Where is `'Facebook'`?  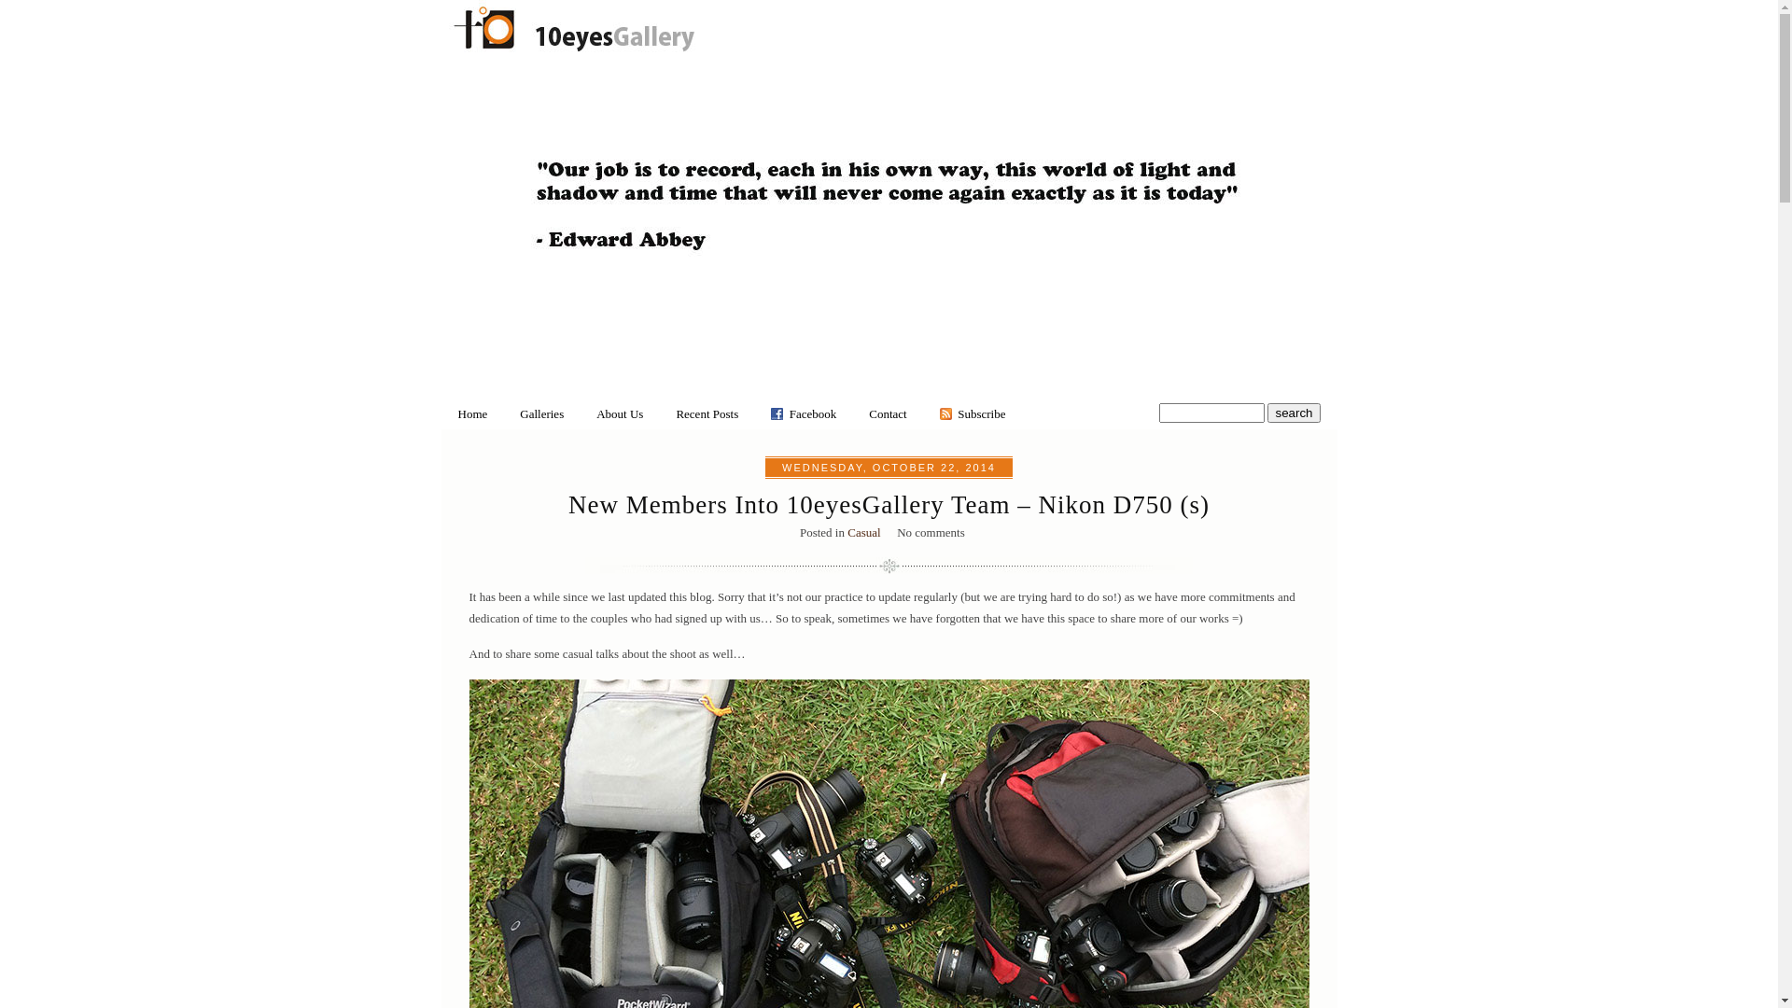
'Facebook' is located at coordinates (813, 413).